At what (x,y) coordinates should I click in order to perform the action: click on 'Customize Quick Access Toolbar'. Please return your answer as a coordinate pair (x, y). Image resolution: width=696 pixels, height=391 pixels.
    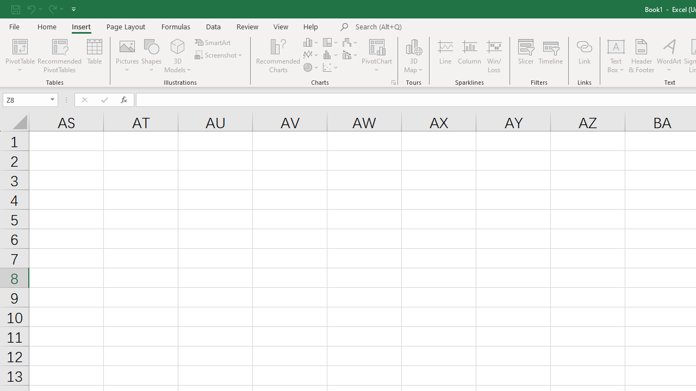
    Looking at the image, I should click on (73, 9).